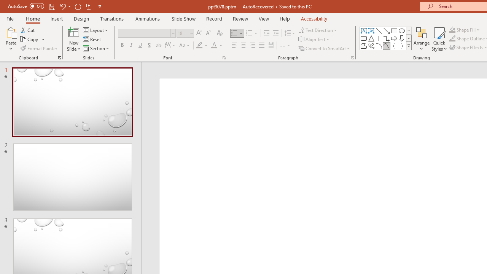  What do you see at coordinates (314, 39) in the screenshot?
I see `'Align Text'` at bounding box center [314, 39].